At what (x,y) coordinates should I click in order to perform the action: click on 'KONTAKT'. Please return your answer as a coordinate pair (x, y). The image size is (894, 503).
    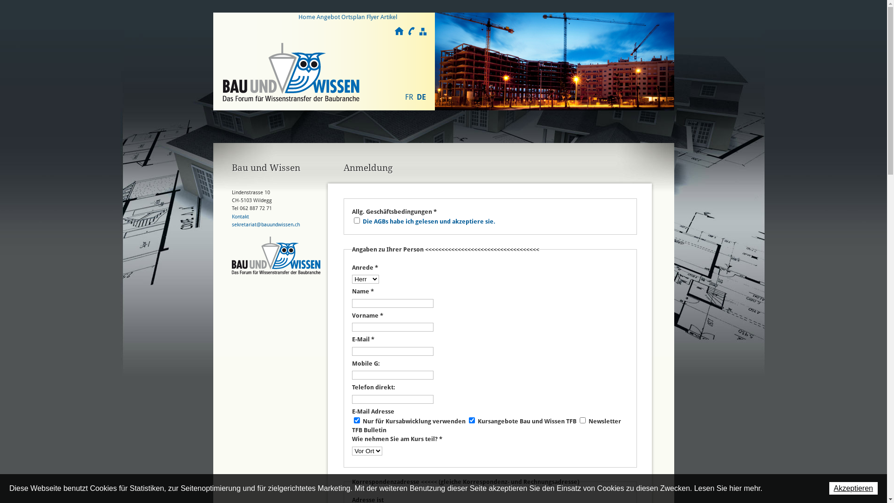
    Looking at the image, I should click on (410, 31).